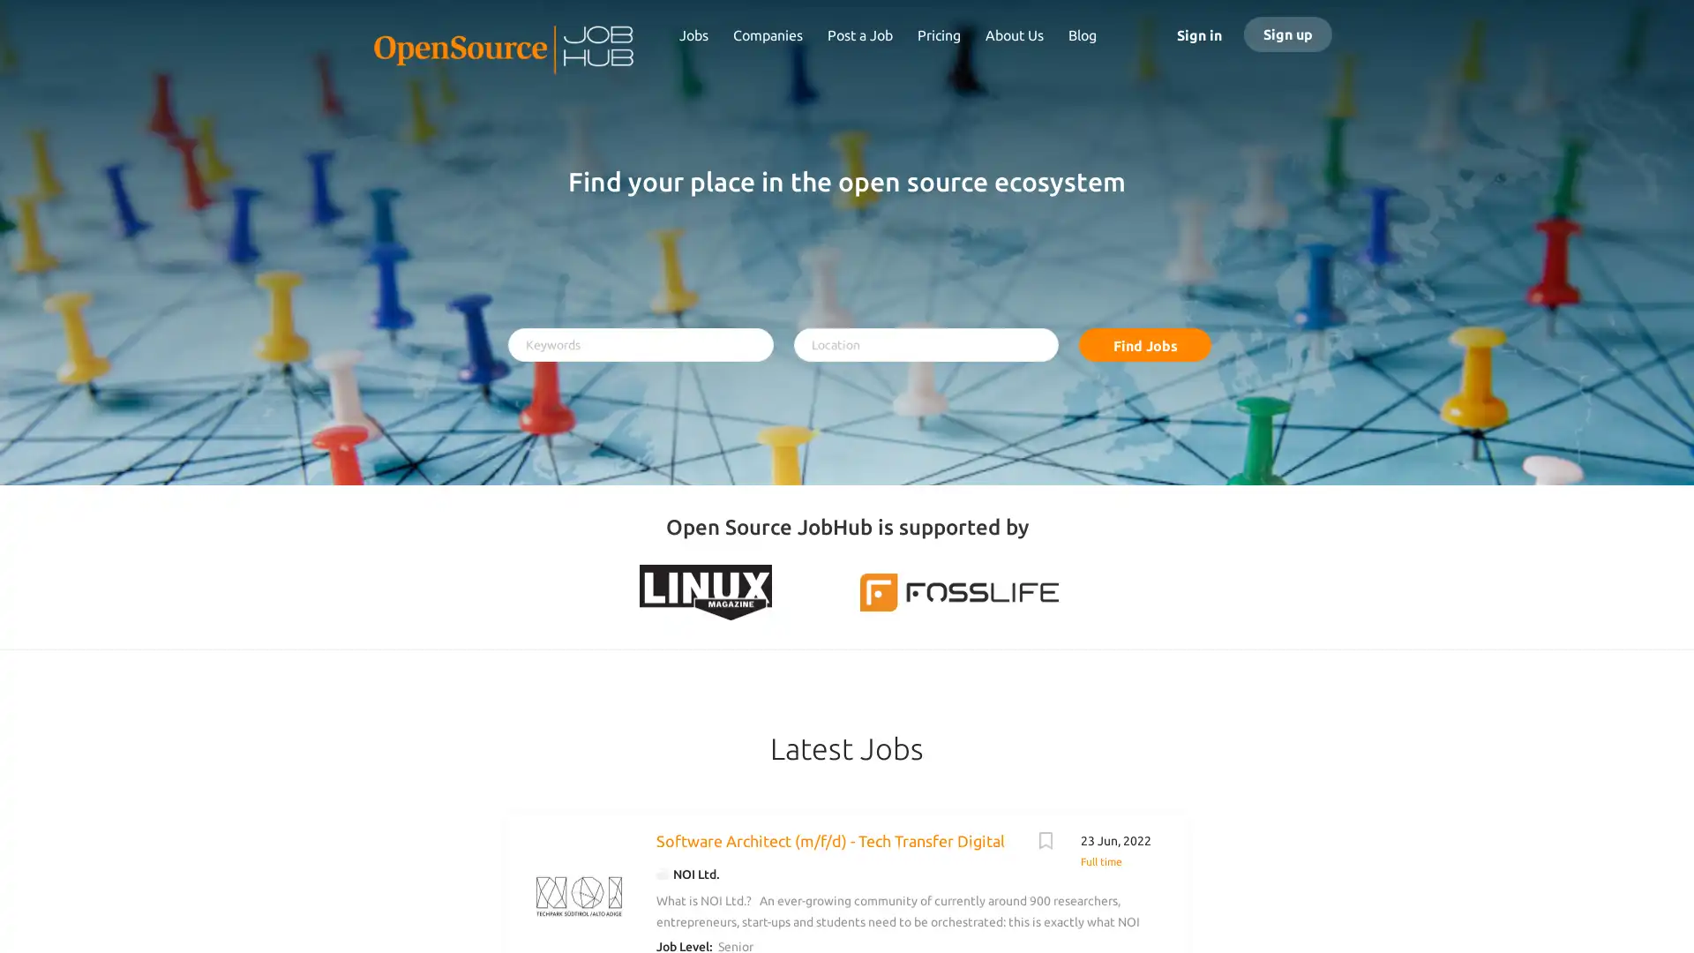 Image resolution: width=1694 pixels, height=953 pixels. What do you see at coordinates (1144, 344) in the screenshot?
I see `Find Jobs` at bounding box center [1144, 344].